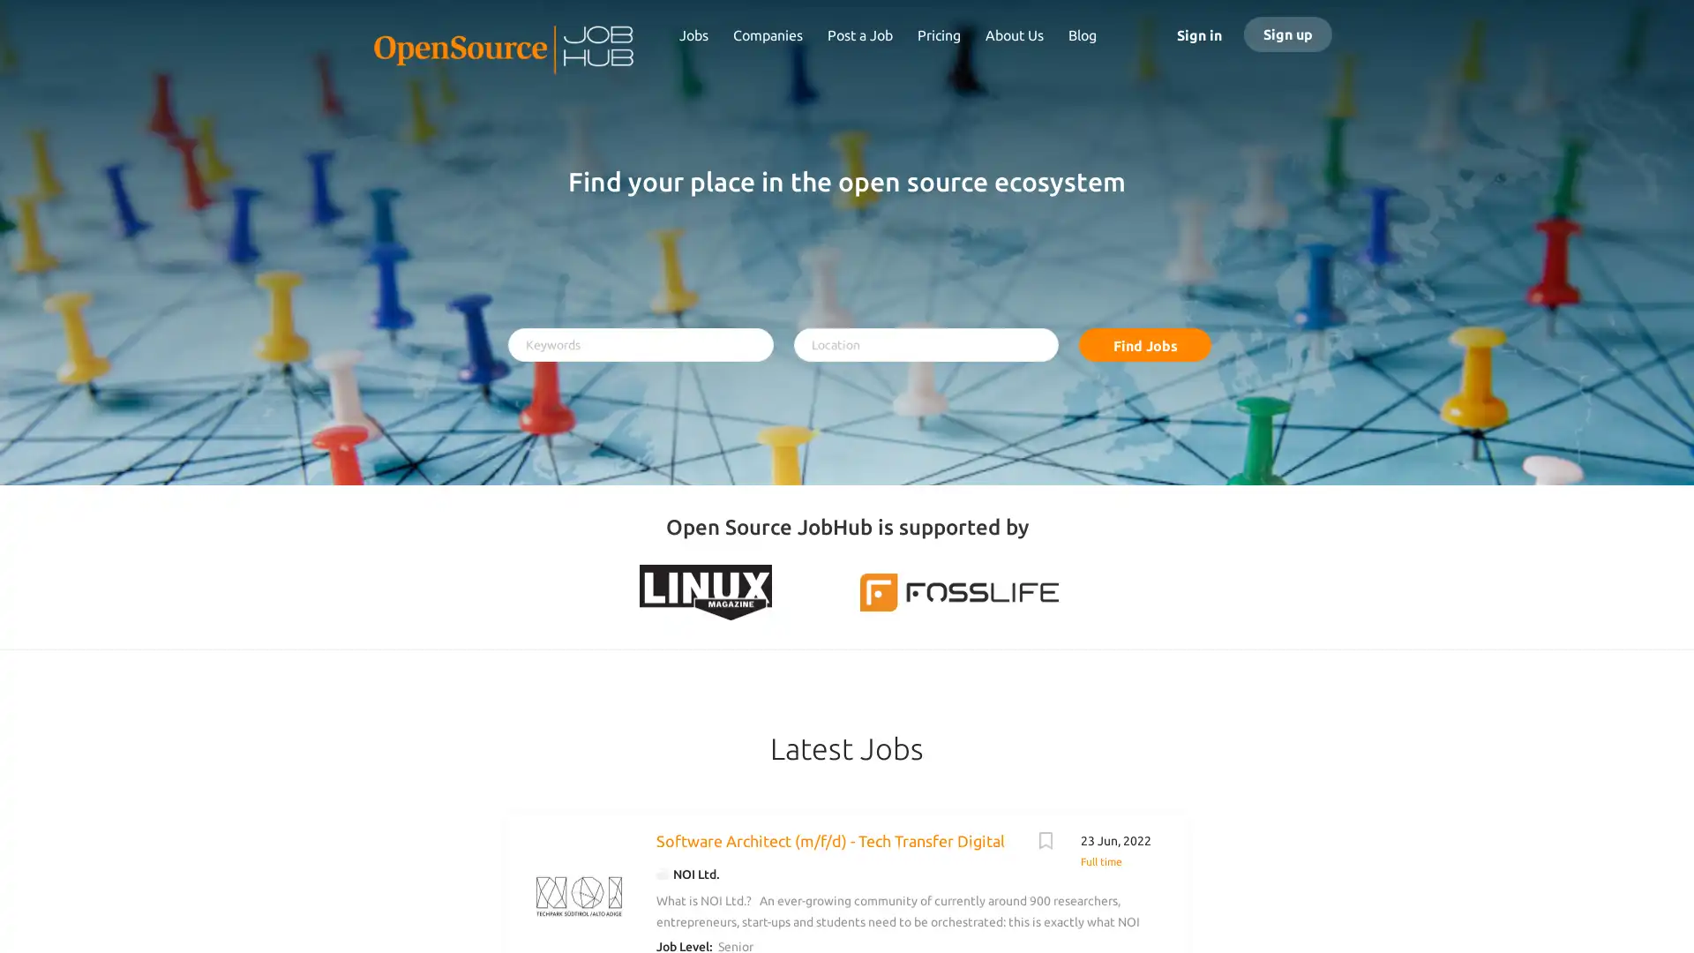 Image resolution: width=1694 pixels, height=953 pixels. What do you see at coordinates (1144, 344) in the screenshot?
I see `Find Jobs` at bounding box center [1144, 344].